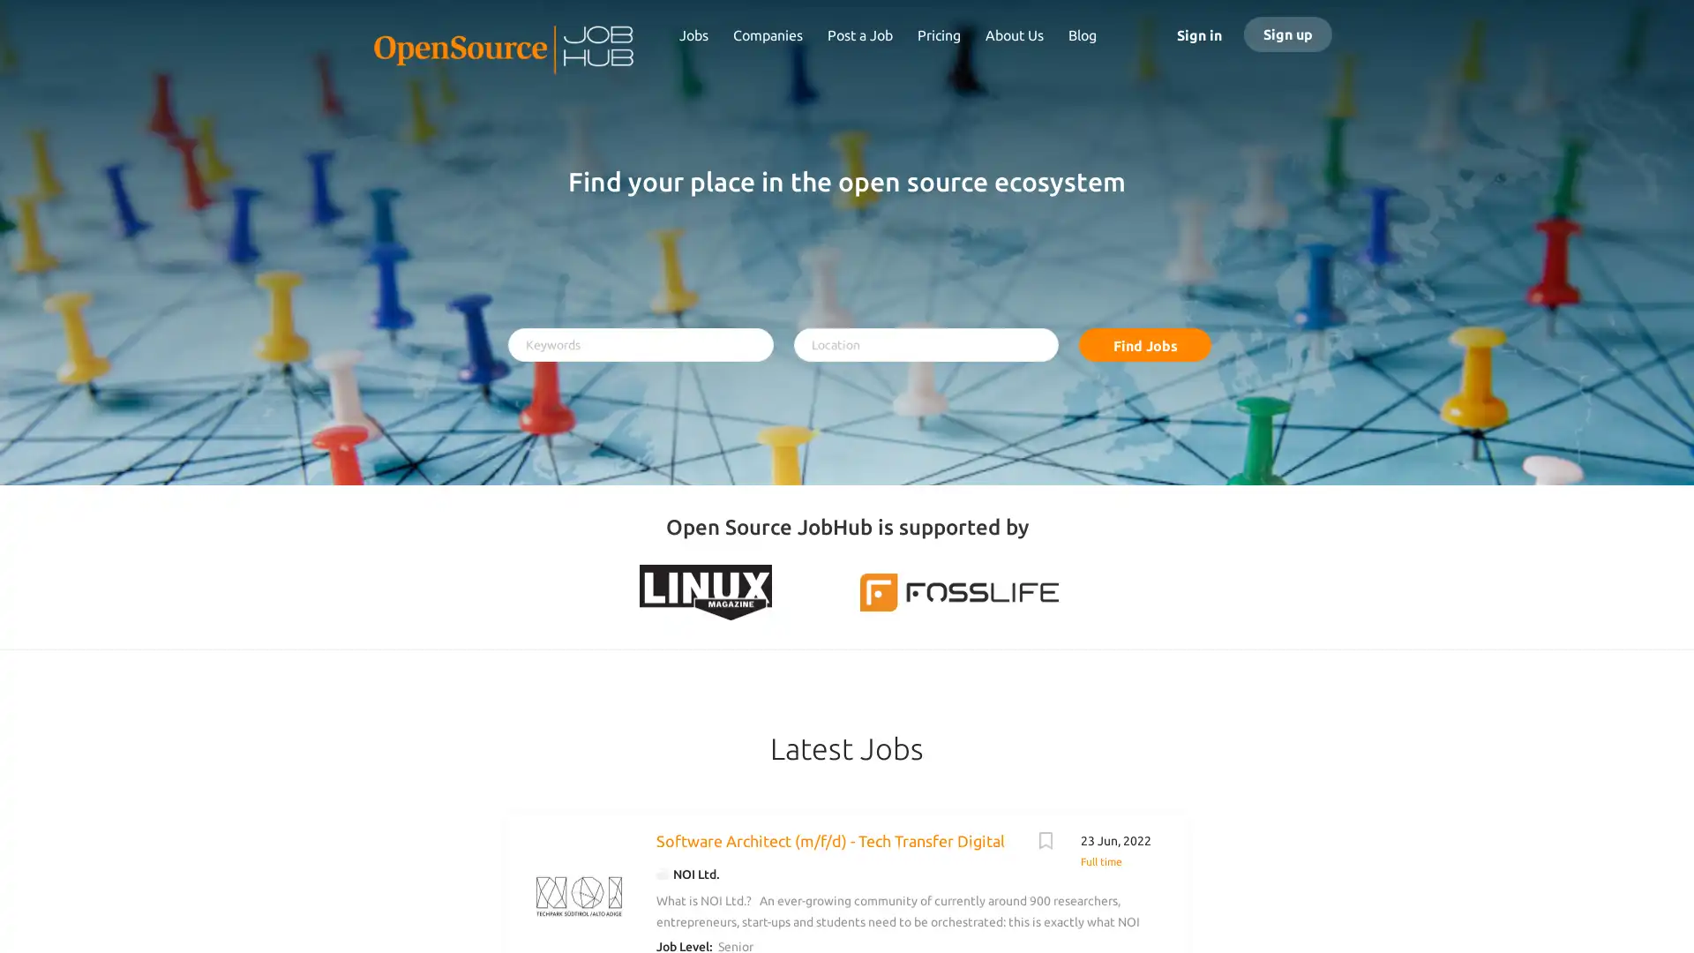 Image resolution: width=1694 pixels, height=953 pixels. What do you see at coordinates (1144, 344) in the screenshot?
I see `Find Jobs` at bounding box center [1144, 344].